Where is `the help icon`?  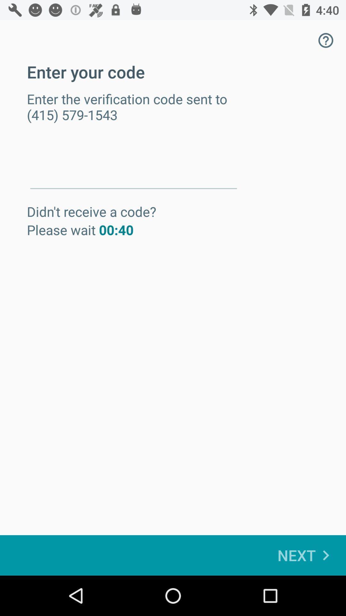
the help icon is located at coordinates (326, 40).